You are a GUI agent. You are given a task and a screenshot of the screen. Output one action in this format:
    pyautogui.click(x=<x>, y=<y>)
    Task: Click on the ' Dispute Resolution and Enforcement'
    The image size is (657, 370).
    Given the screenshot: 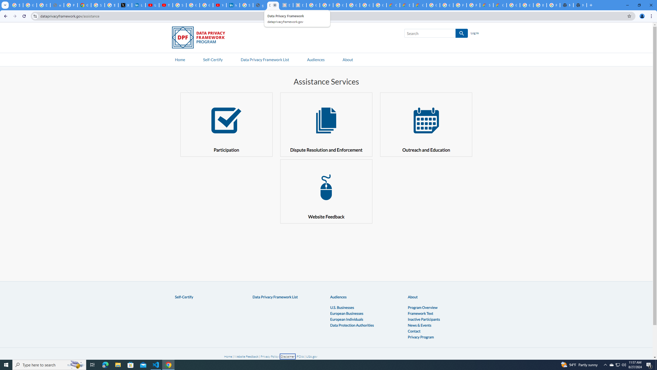 What is the action you would take?
    pyautogui.click(x=326, y=124)
    